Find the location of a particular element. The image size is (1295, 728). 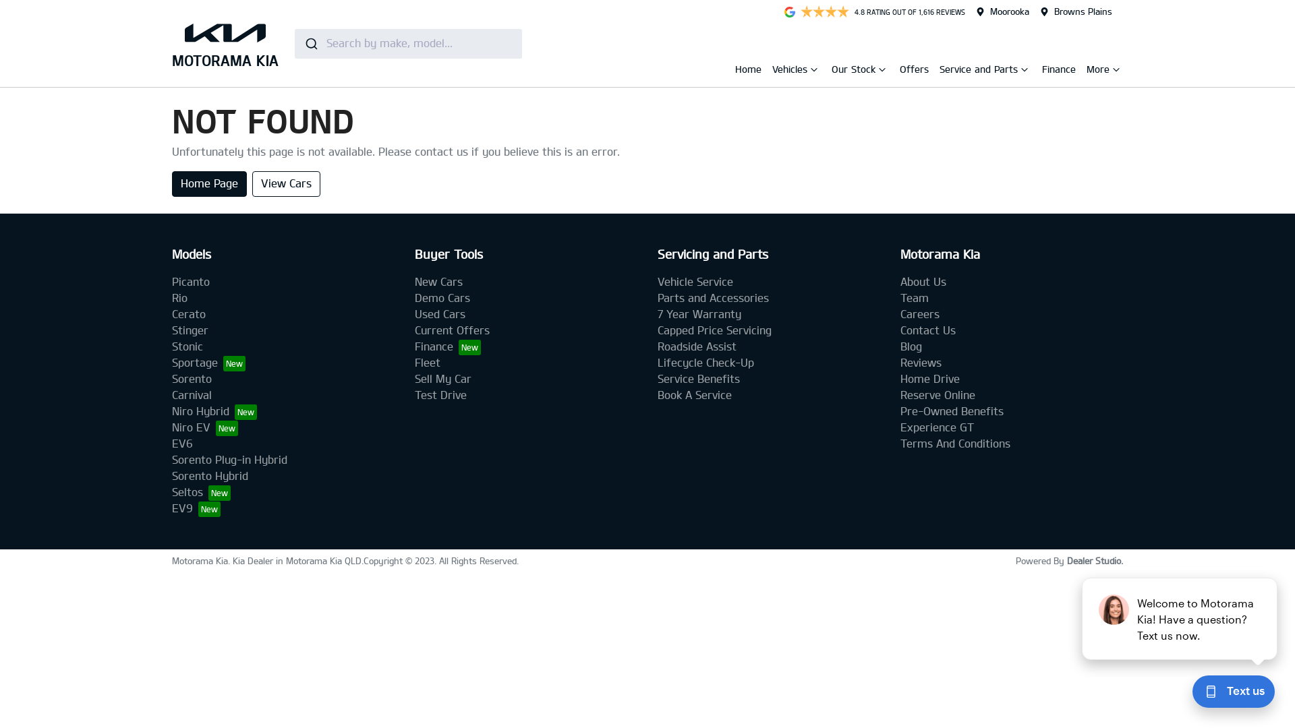

'Stonic' is located at coordinates (187, 346).